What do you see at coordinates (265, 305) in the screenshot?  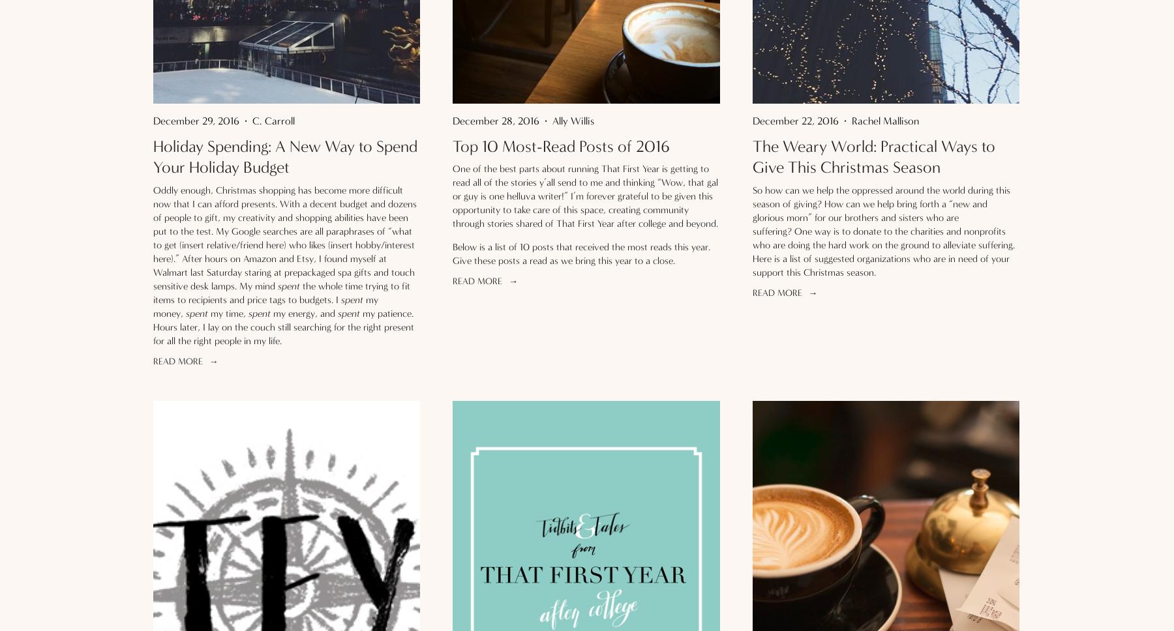 I see `'my money,'` at bounding box center [265, 305].